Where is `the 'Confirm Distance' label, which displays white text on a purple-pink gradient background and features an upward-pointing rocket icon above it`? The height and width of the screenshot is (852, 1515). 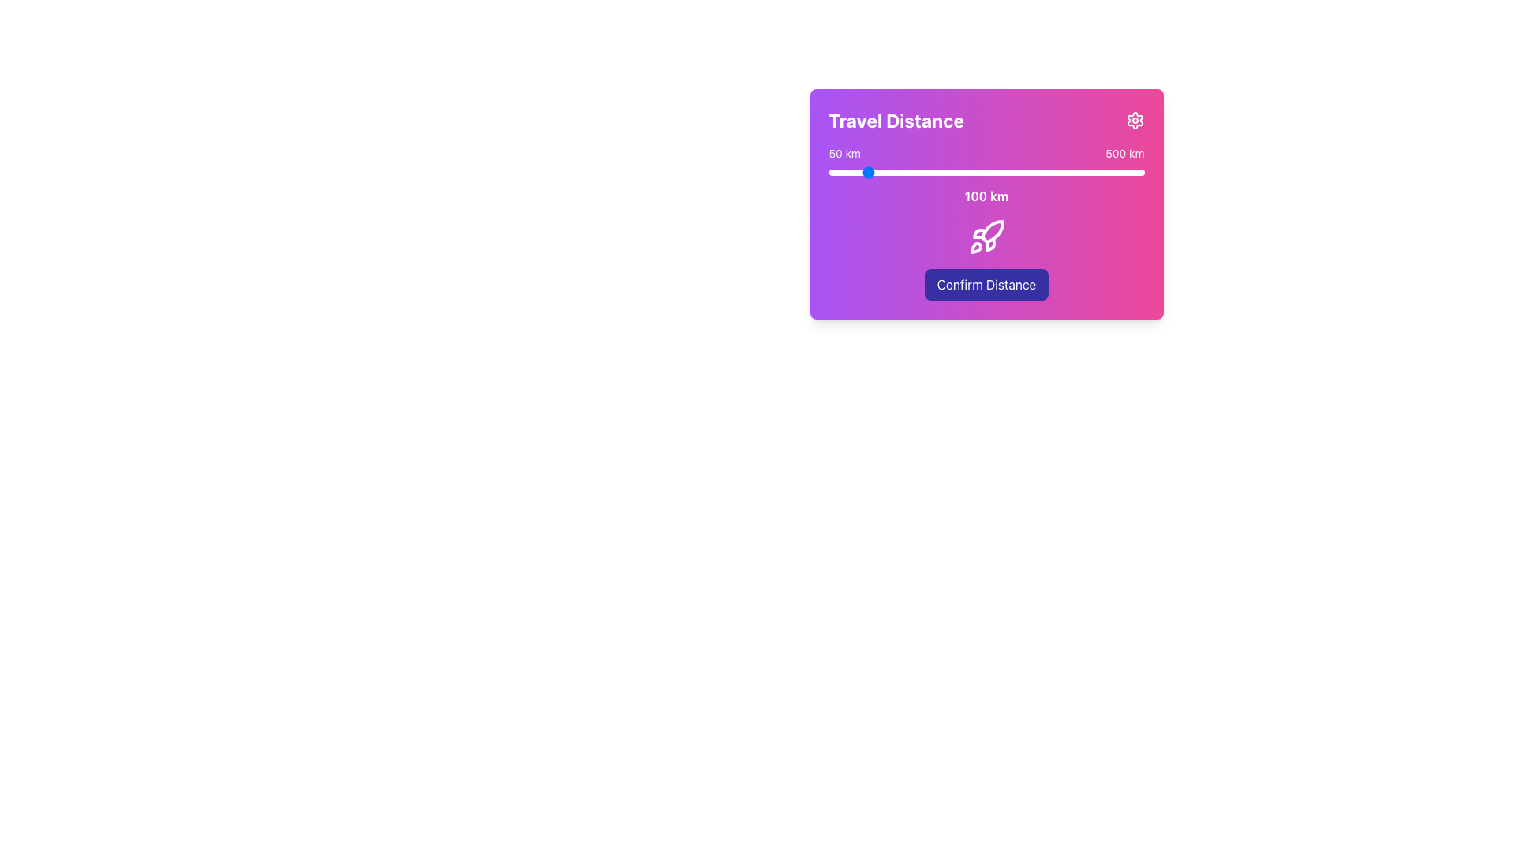 the 'Confirm Distance' label, which displays white text on a purple-pink gradient background and features an upward-pointing rocket icon above it is located at coordinates (986, 258).